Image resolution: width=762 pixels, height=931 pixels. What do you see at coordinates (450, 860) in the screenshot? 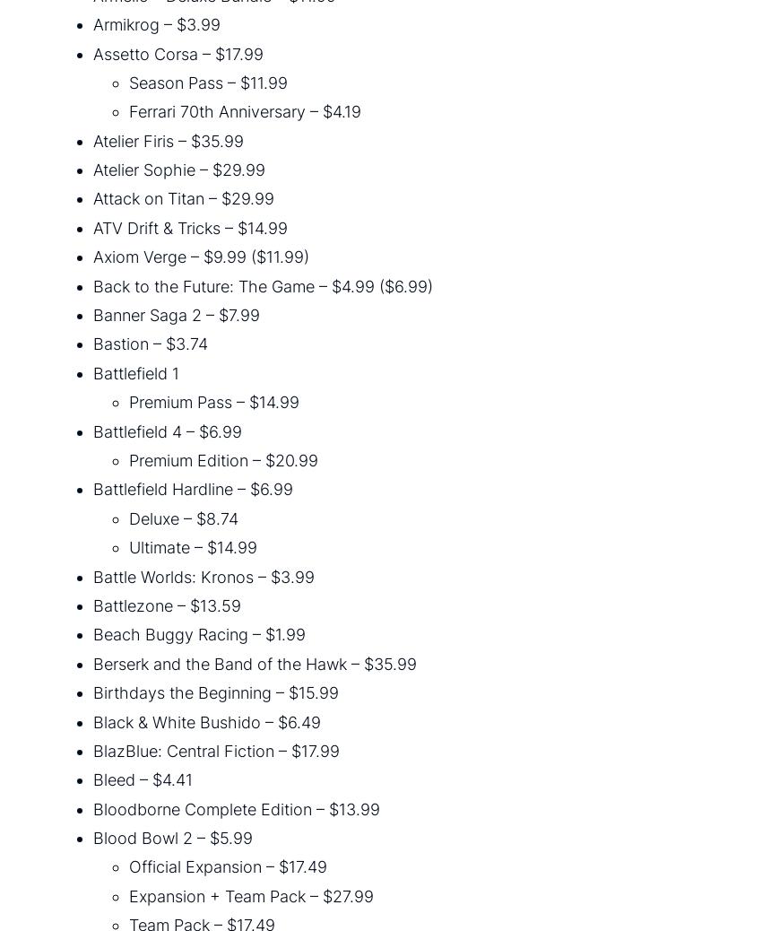
I see `'Privacy Policy'` at bounding box center [450, 860].